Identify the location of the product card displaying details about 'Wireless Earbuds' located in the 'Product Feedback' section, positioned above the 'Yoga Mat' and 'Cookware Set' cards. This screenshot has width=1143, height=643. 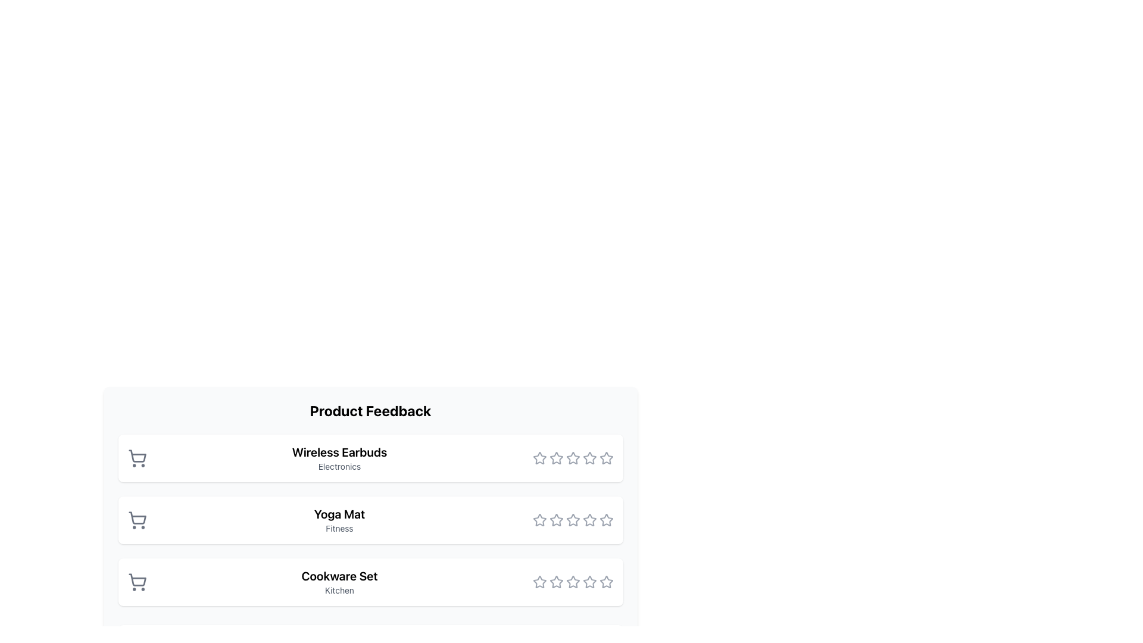
(370, 458).